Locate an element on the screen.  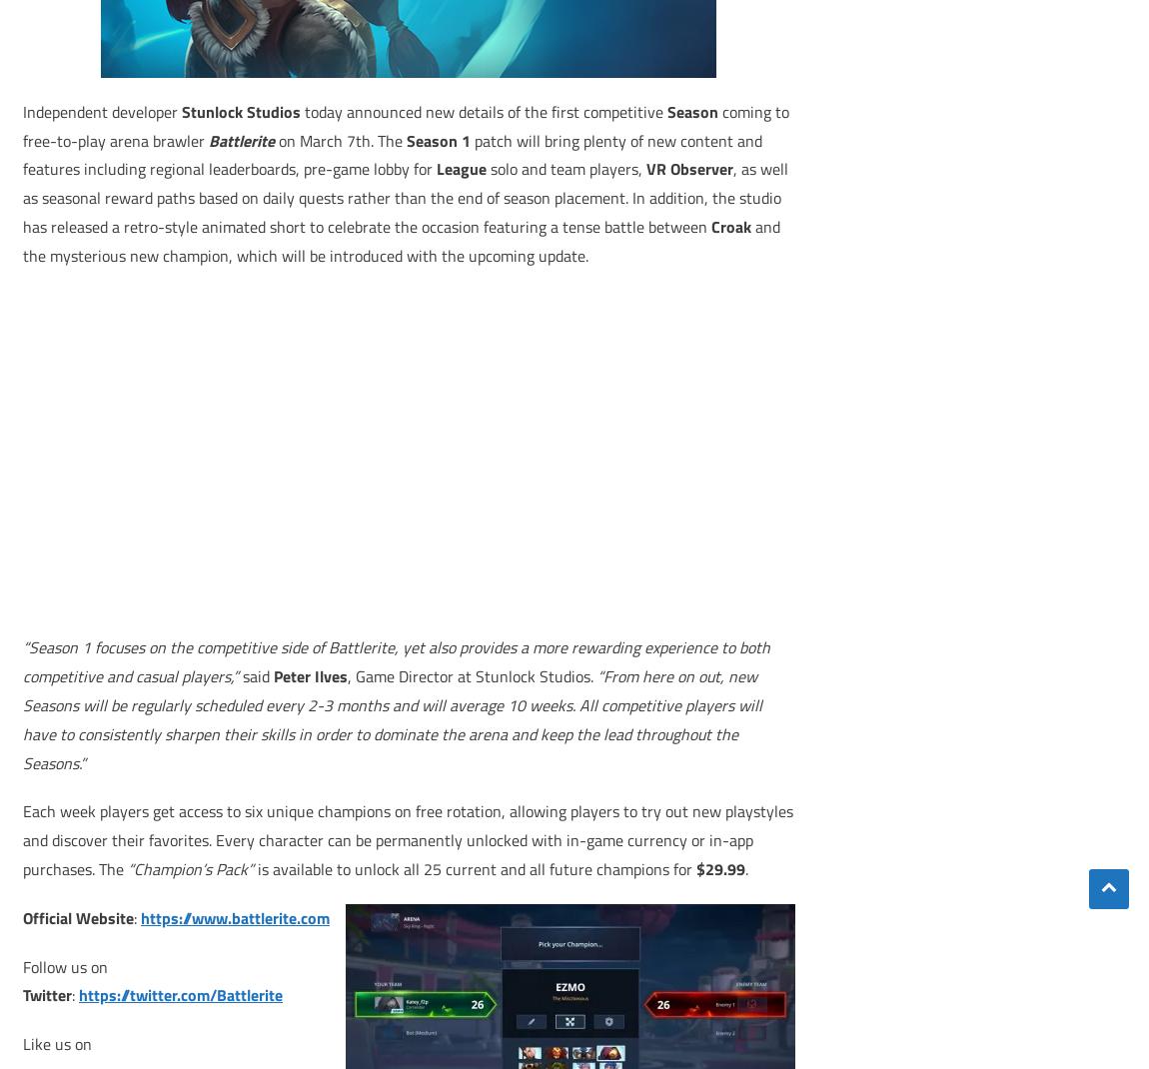
'Stunlock Studios' is located at coordinates (240, 110).